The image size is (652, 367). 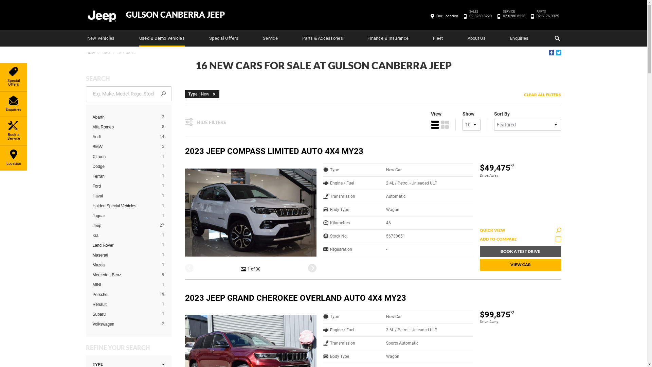 I want to click on 'Ford', so click(x=92, y=186).